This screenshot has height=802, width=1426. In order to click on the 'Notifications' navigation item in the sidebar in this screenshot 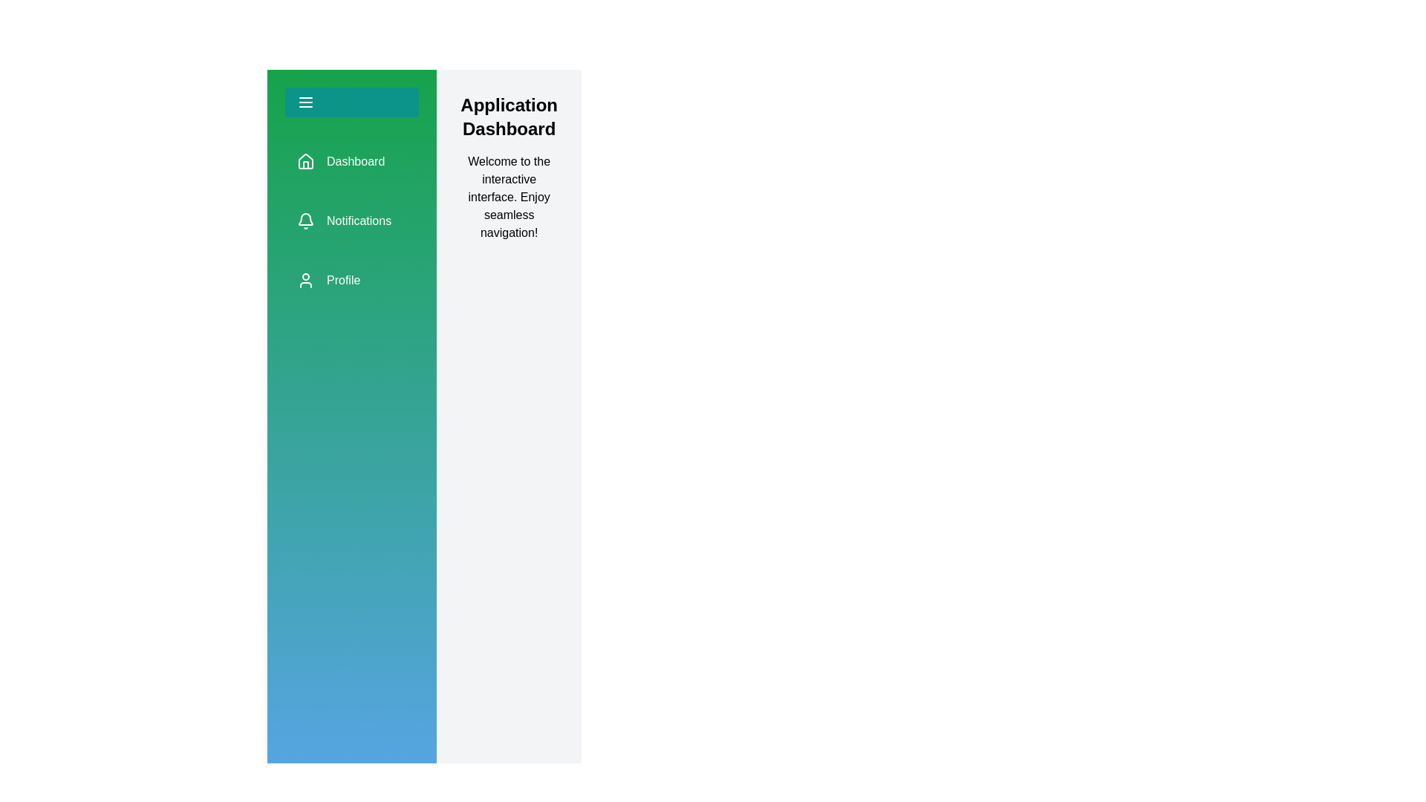, I will do `click(351, 221)`.